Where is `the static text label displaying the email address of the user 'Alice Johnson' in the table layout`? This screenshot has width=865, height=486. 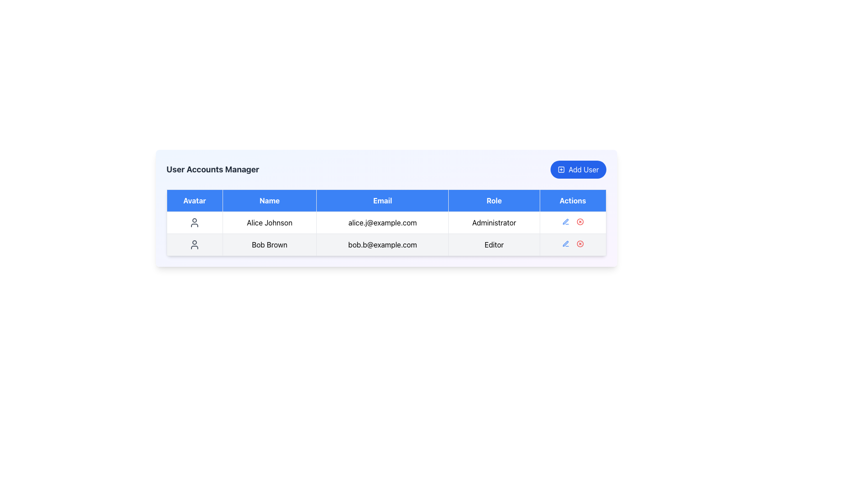 the static text label displaying the email address of the user 'Alice Johnson' in the table layout is located at coordinates (382, 222).